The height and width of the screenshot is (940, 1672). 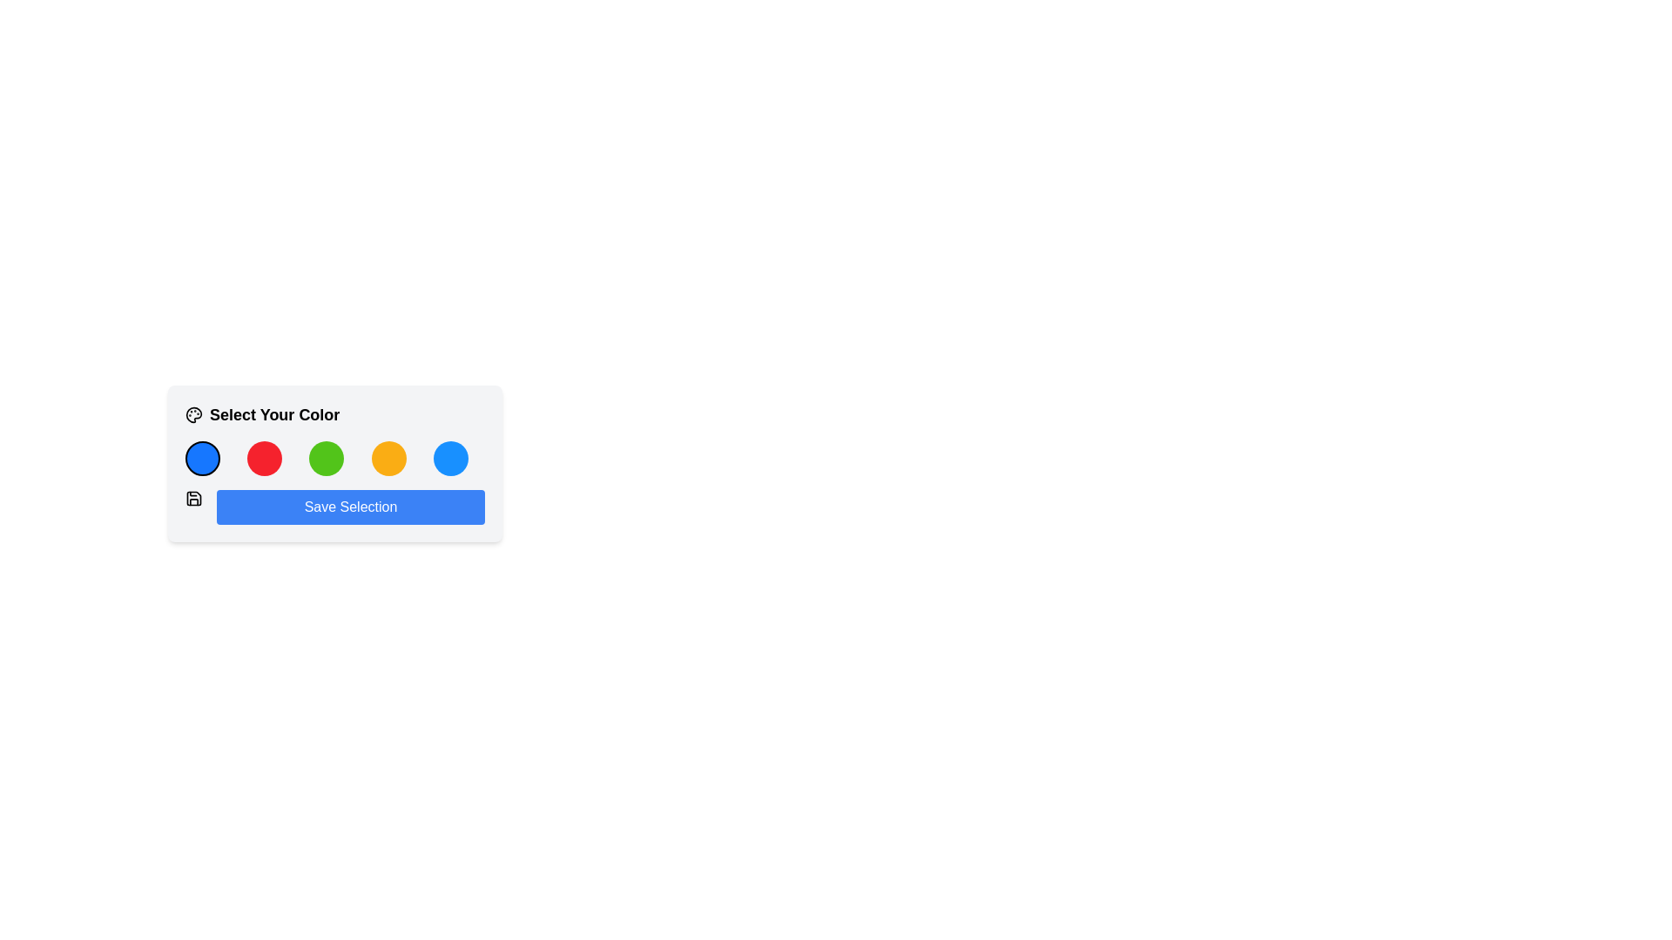 I want to click on the icon resembling a palette with four circular decorations, located next to the 'Select Your Color' label in the upper-left corner of the color selection panel, so click(x=193, y=415).